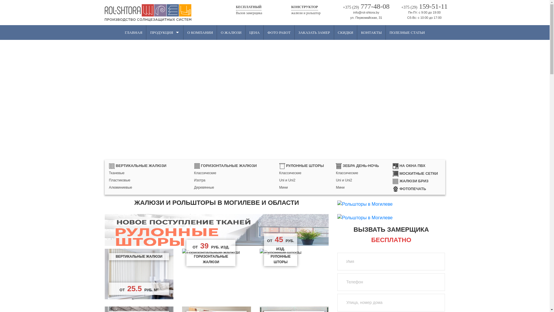 Image resolution: width=554 pixels, height=312 pixels. Describe the element at coordinates (337, 6) in the screenshot. I see `'+375 (29) 777-48-08'` at that location.